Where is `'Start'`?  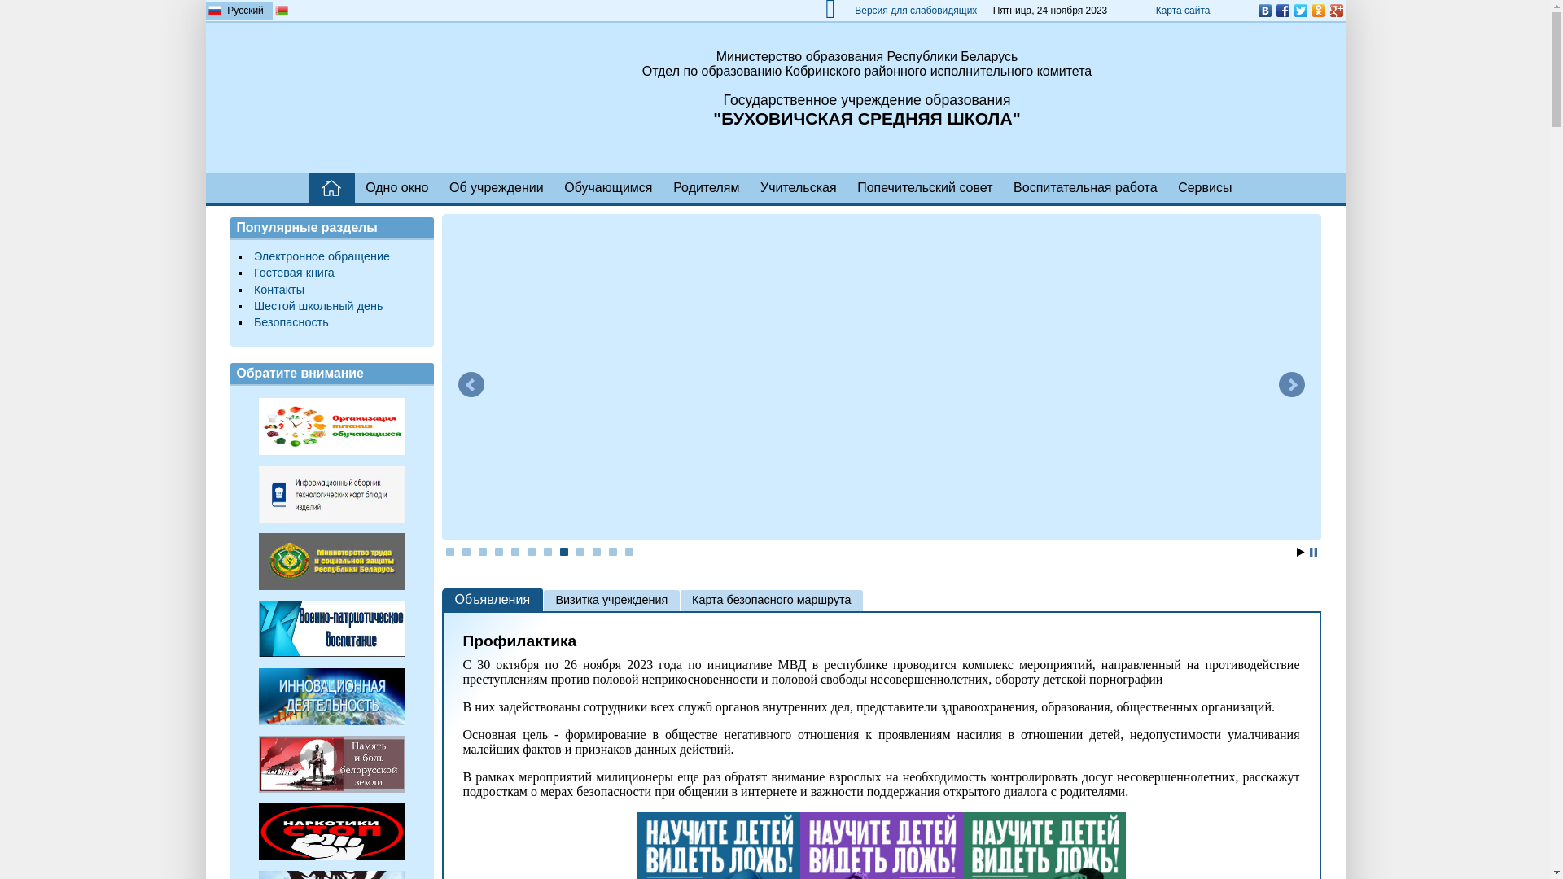 'Start' is located at coordinates (1295, 551).